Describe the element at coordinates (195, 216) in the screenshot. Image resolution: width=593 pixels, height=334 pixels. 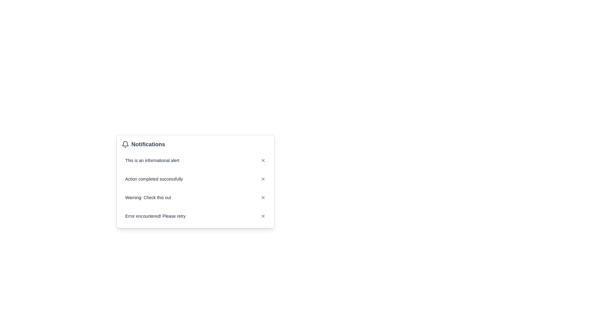
I see `the Notification Box, which serves as an error notification at the bottom of the notification section` at that location.